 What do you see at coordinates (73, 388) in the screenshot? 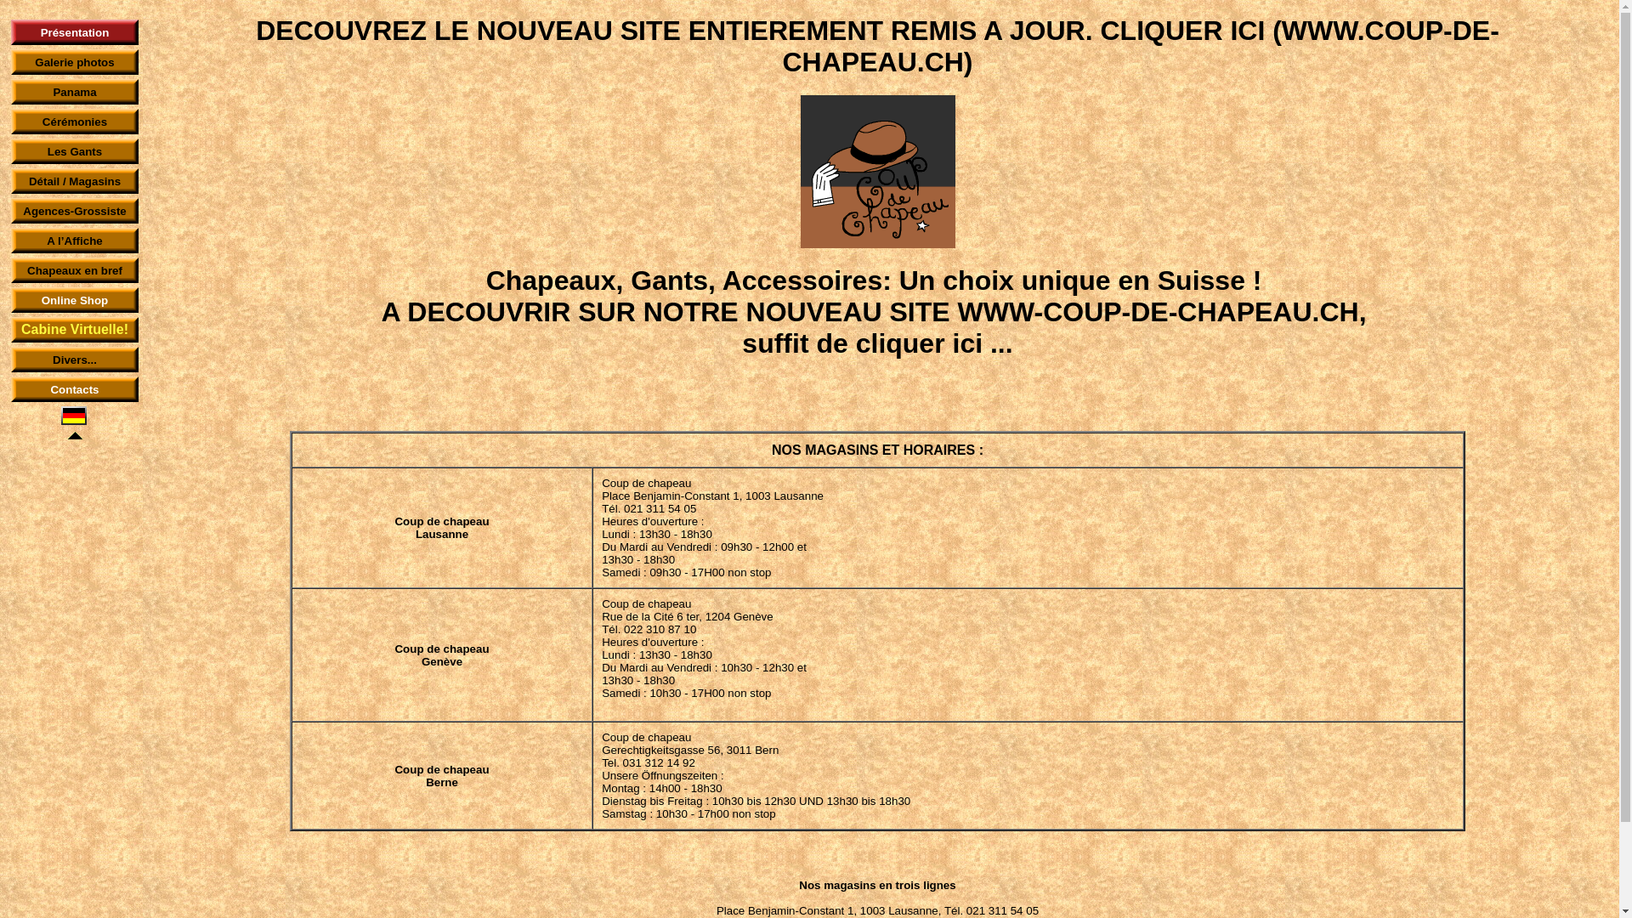
I see `'Contacts'` at bounding box center [73, 388].